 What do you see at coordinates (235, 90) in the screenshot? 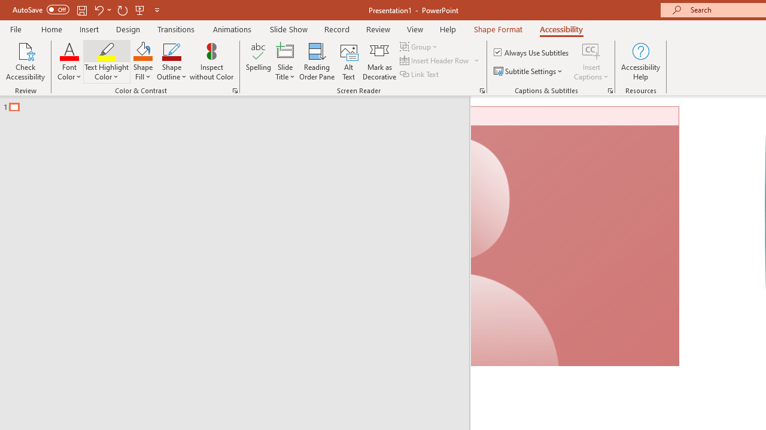
I see `'Color & Contrast'` at bounding box center [235, 90].